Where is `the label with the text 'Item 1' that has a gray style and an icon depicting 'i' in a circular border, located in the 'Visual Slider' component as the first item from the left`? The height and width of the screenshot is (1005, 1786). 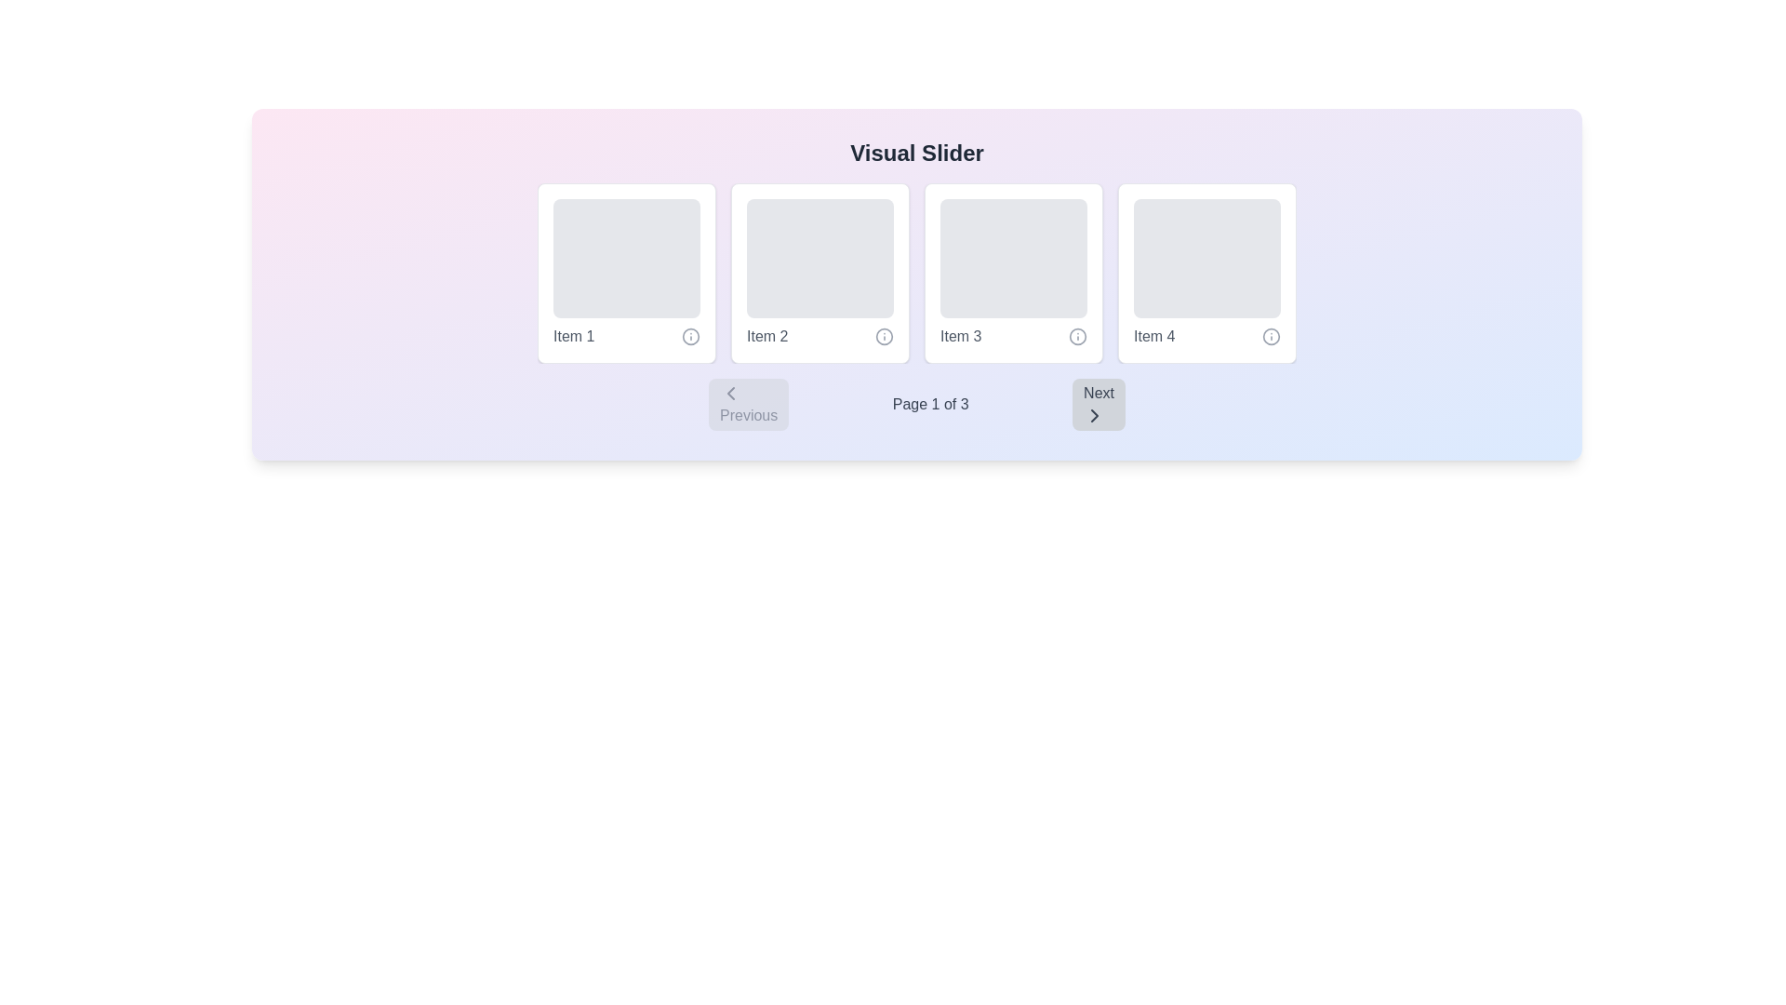
the label with the text 'Item 1' that has a gray style and an icon depicting 'i' in a circular border, located in the 'Visual Slider' component as the first item from the left is located at coordinates (626, 337).